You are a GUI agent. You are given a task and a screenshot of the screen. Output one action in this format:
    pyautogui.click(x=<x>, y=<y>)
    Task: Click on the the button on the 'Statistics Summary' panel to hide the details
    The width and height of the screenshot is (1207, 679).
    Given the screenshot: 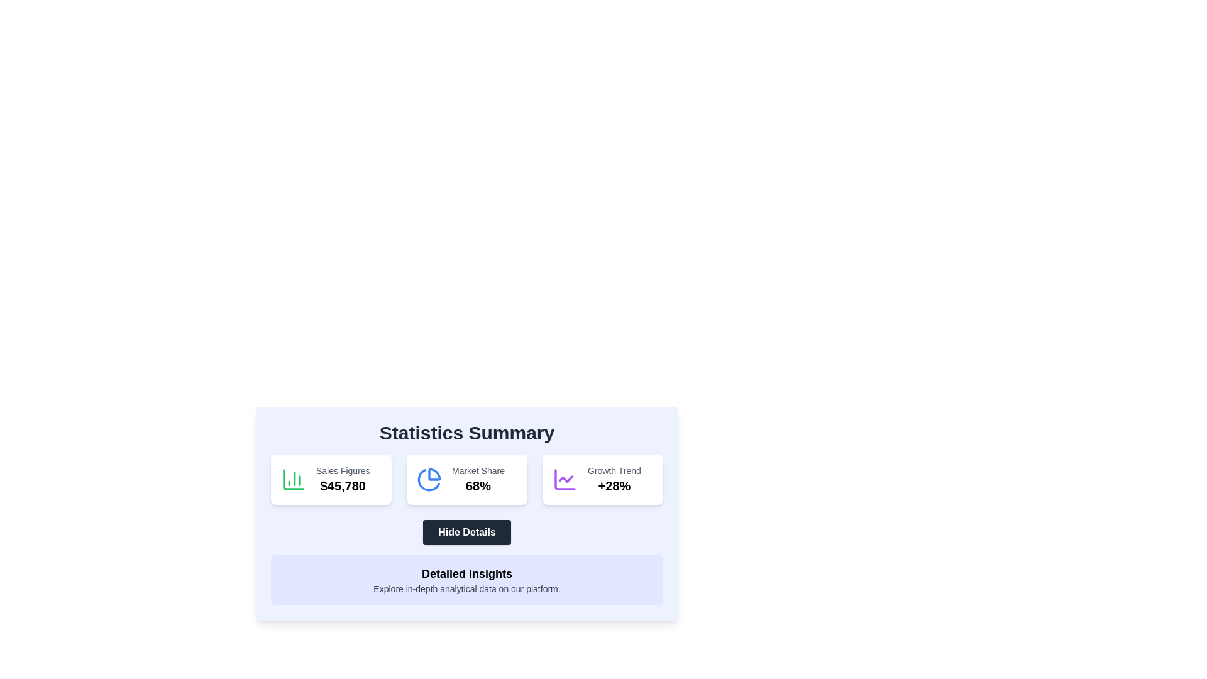 What is the action you would take?
    pyautogui.click(x=466, y=518)
    